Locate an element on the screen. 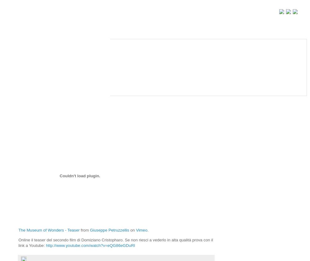 The image size is (310, 261). 'The Museum of Wonders: teaser!' is located at coordinates (18, 122).